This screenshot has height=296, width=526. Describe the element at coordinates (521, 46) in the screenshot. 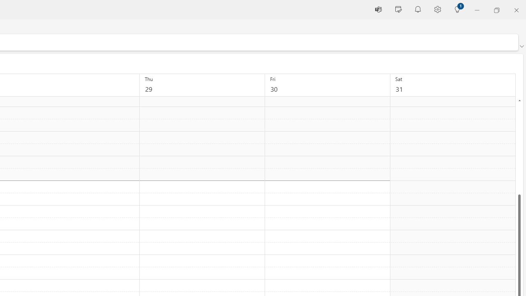

I see `'Ribbon display options'` at that location.